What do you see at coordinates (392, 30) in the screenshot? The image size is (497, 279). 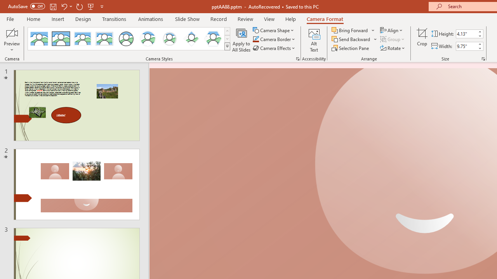 I see `'Align'` at bounding box center [392, 30].